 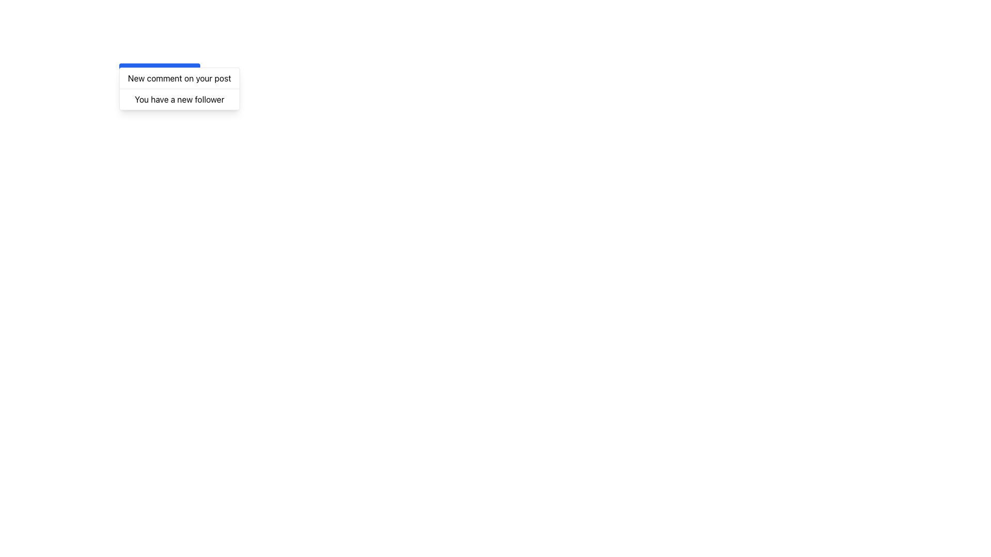 What do you see at coordinates (179, 99) in the screenshot?
I see `the Text Display element that contains the notification 'You have a new follower', which is located beneath the 'New comment on your post' notification` at bounding box center [179, 99].